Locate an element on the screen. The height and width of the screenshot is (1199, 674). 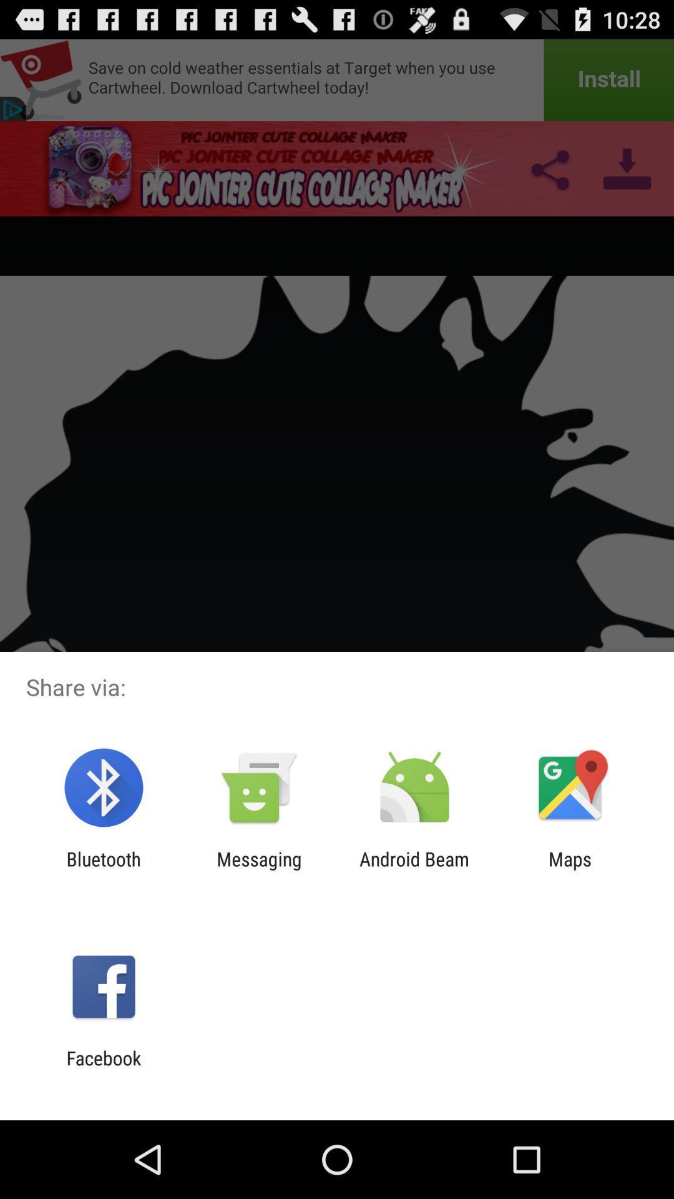
the android beam icon is located at coordinates (414, 869).